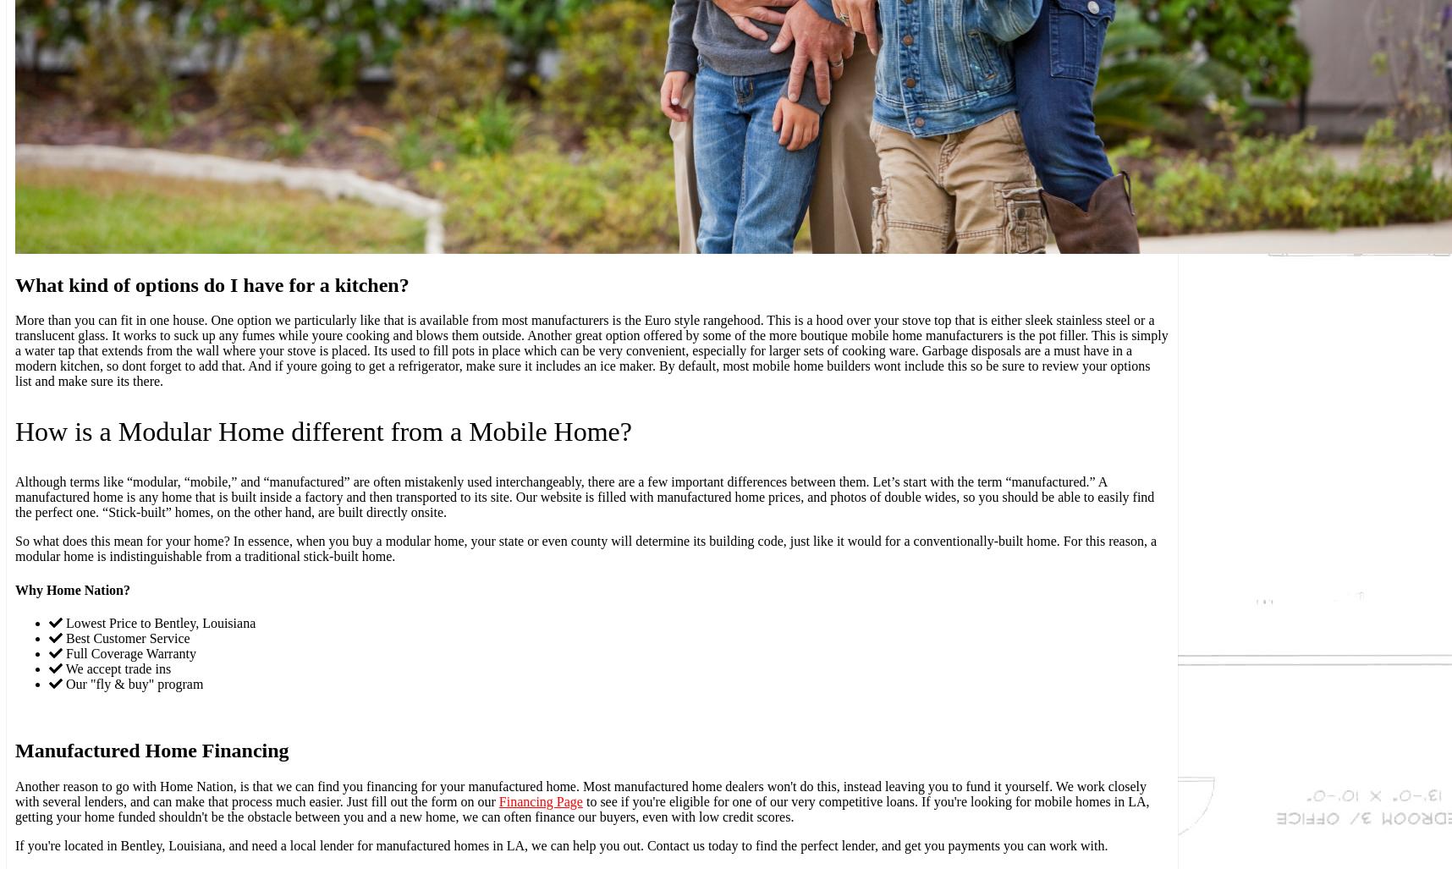 This screenshot has height=869, width=1452. Describe the element at coordinates (71, 589) in the screenshot. I see `'Why Home Nation?'` at that location.